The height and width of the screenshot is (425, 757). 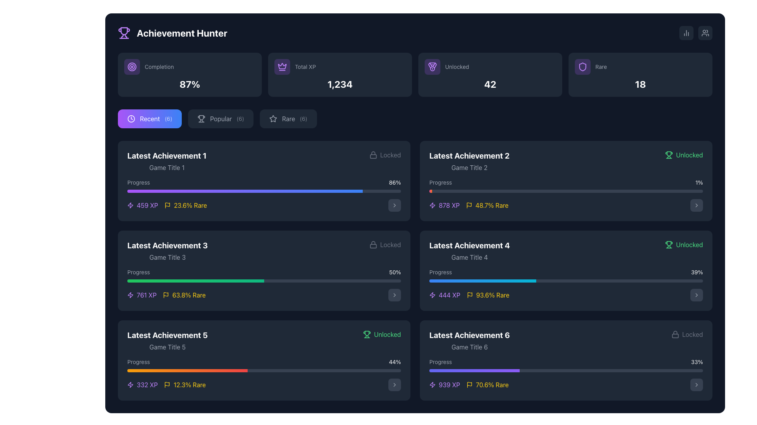 What do you see at coordinates (697, 272) in the screenshot?
I see `the static text label displaying '39%' located in the bottom-right corner of the 'Latest Achievement 4' section` at bounding box center [697, 272].